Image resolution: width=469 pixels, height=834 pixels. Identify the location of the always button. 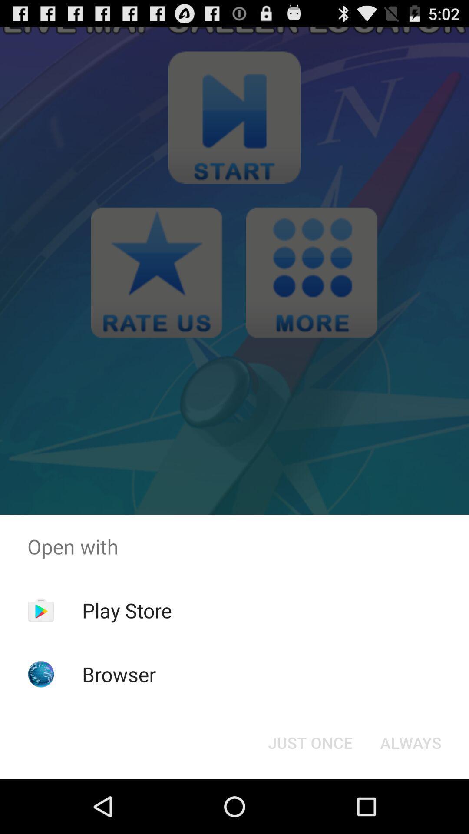
(410, 742).